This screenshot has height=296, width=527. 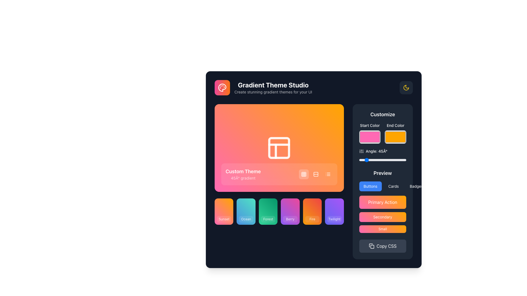 I want to click on the circular button with a dark gray background and a yellow crescent moon icon, located at the far upper-right corner of the 'Gradient Theme Studio' section, so click(x=406, y=87).